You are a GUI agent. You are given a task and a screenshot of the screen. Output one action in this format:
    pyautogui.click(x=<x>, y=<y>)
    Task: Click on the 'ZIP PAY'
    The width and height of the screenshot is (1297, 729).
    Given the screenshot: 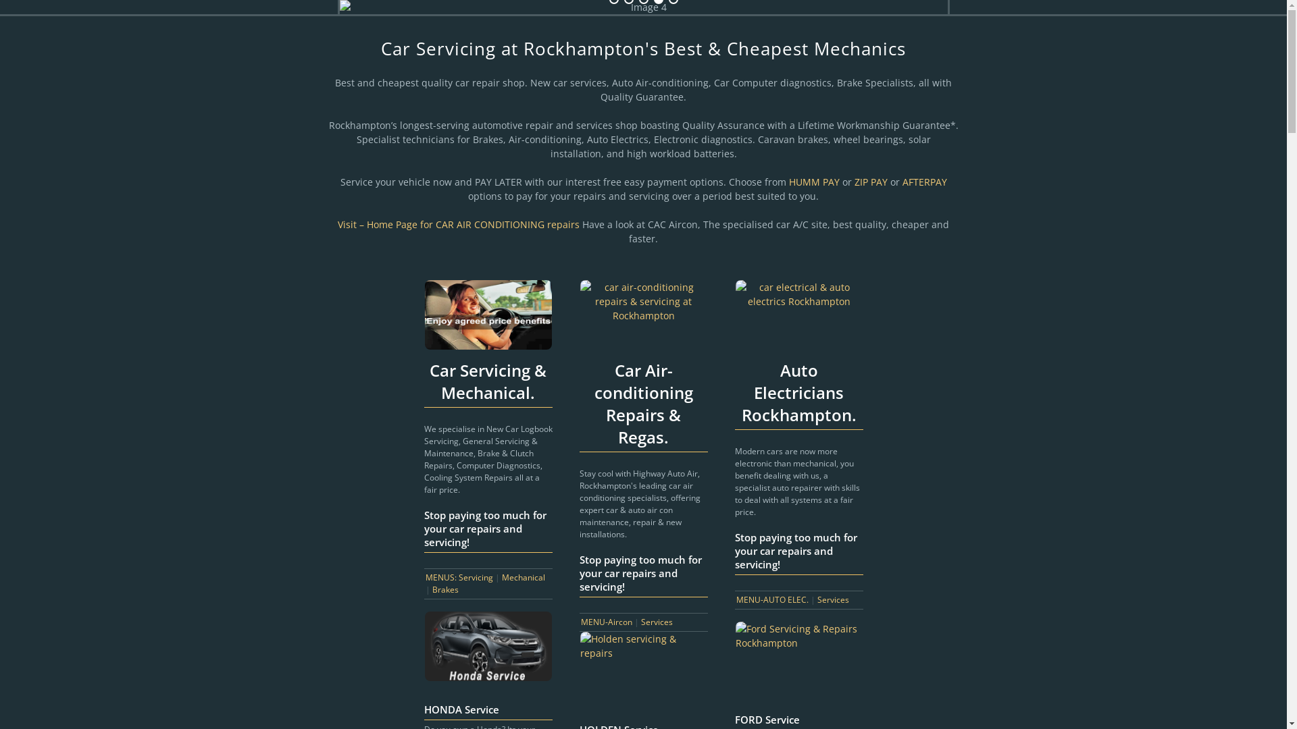 What is the action you would take?
    pyautogui.click(x=871, y=181)
    